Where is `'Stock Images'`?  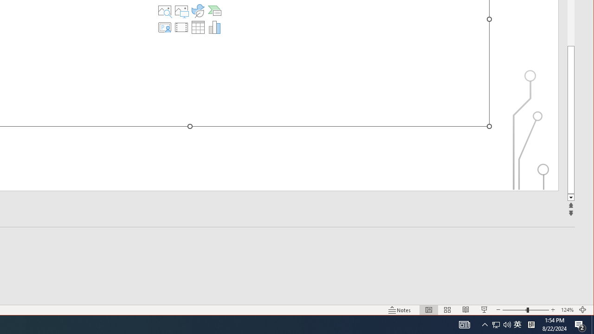 'Stock Images' is located at coordinates (165, 11).